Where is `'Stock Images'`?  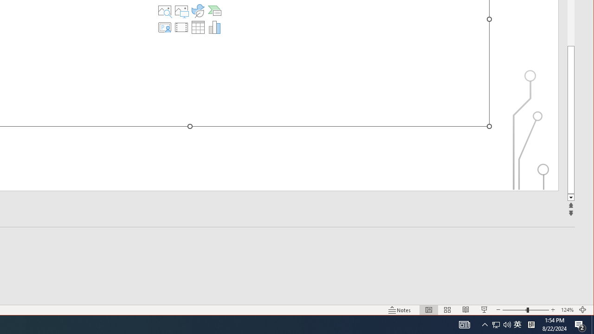 'Stock Images' is located at coordinates (165, 11).